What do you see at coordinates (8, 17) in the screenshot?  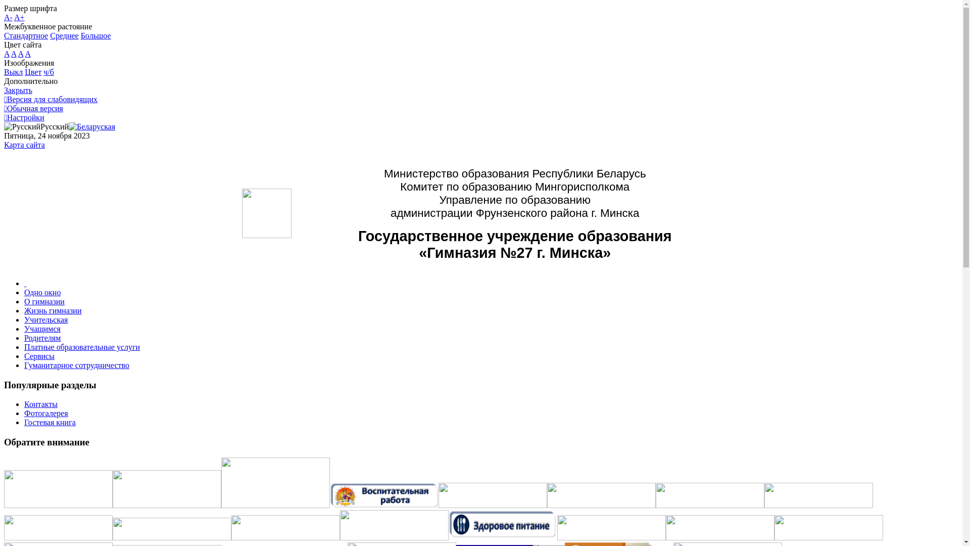 I see `'A-'` at bounding box center [8, 17].